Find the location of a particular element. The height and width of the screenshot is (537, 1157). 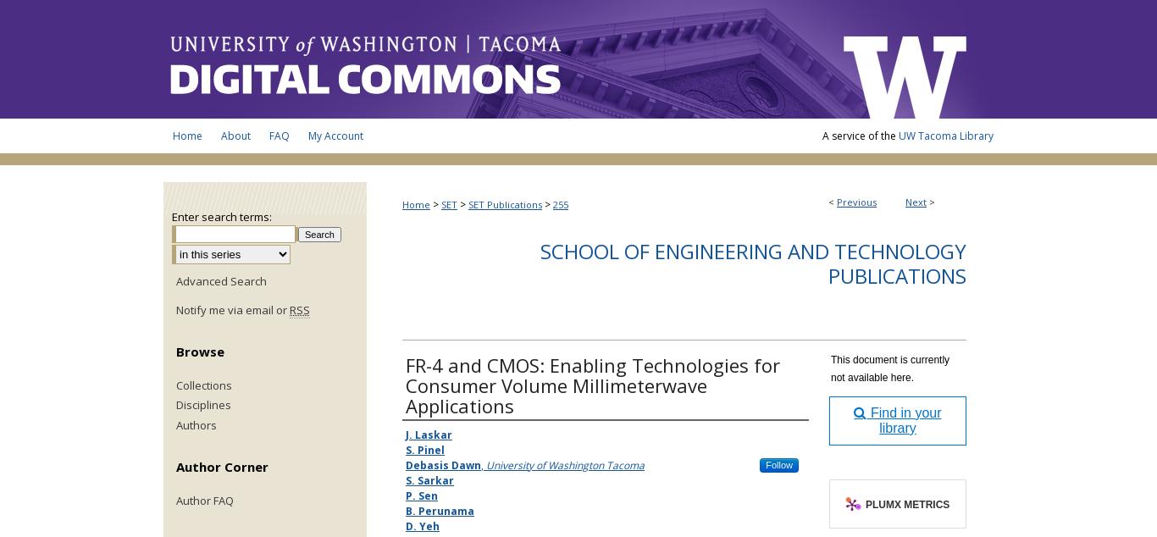

'SET' is located at coordinates (449, 203).